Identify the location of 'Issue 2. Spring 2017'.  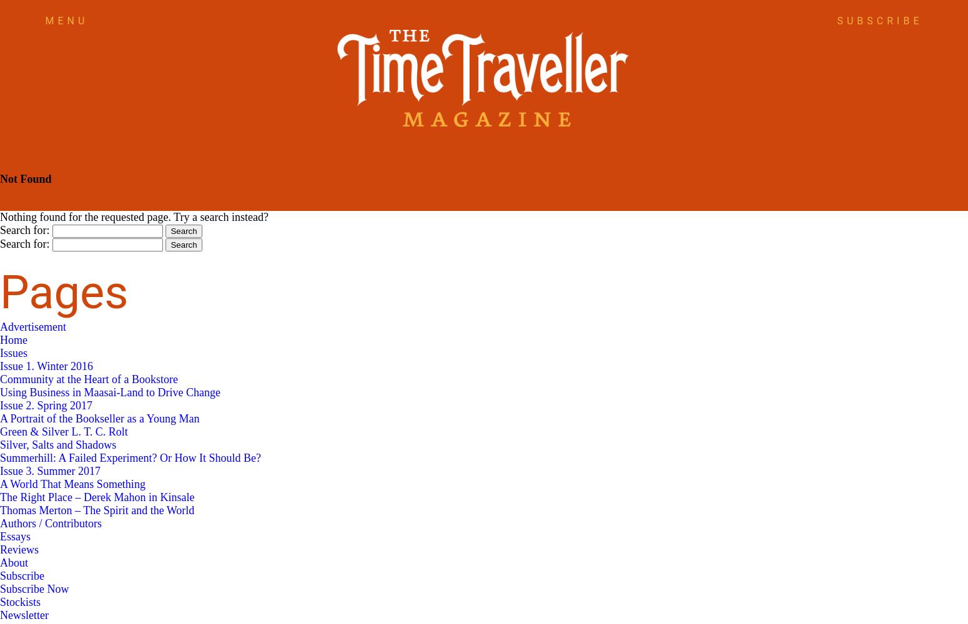
(45, 406).